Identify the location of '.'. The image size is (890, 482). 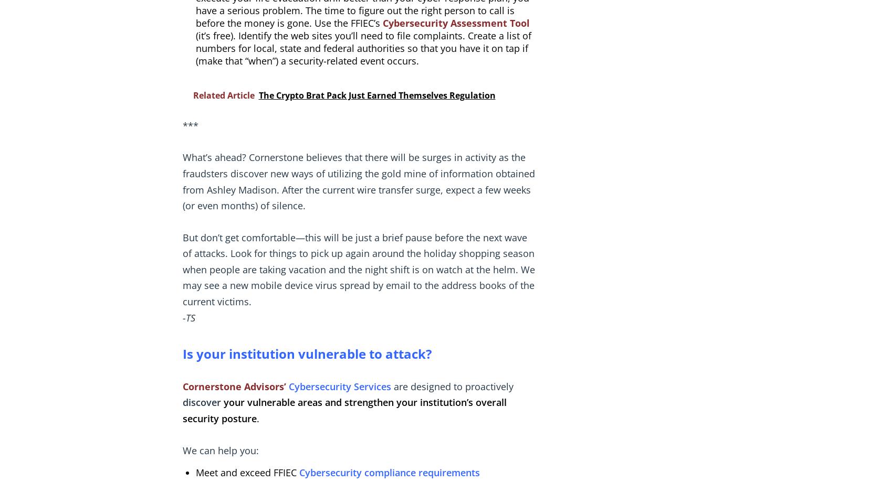
(257, 417).